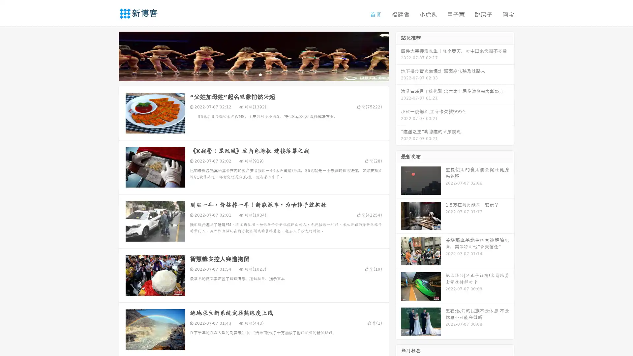  Describe the element at coordinates (109, 55) in the screenshot. I see `Previous slide` at that location.